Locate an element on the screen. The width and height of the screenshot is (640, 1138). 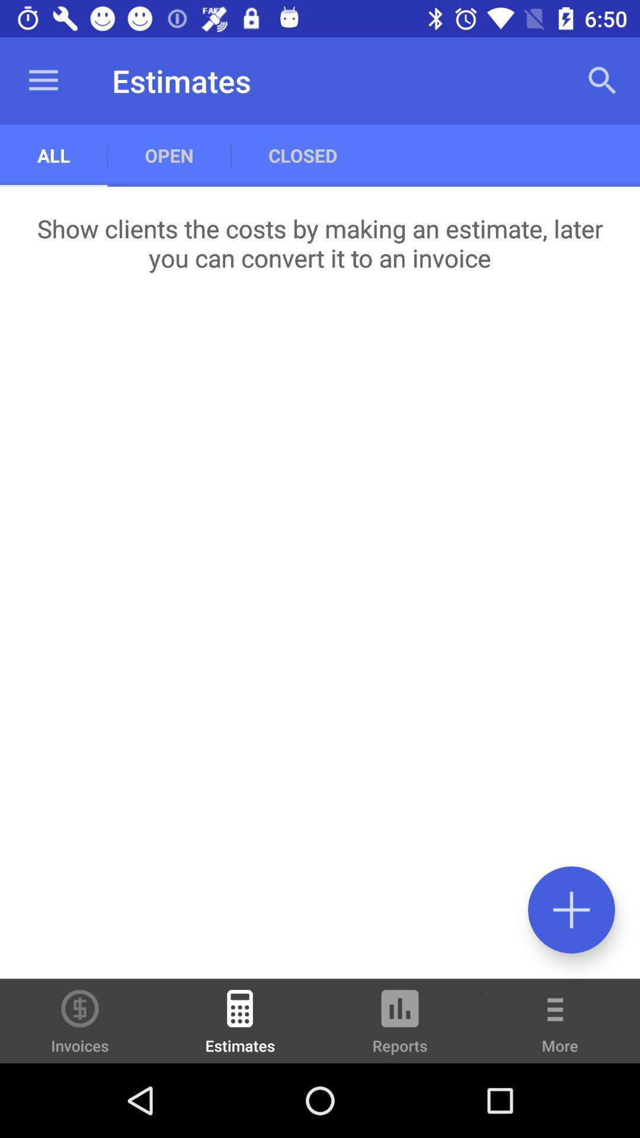
the icon below the show clients the item is located at coordinates (571, 909).